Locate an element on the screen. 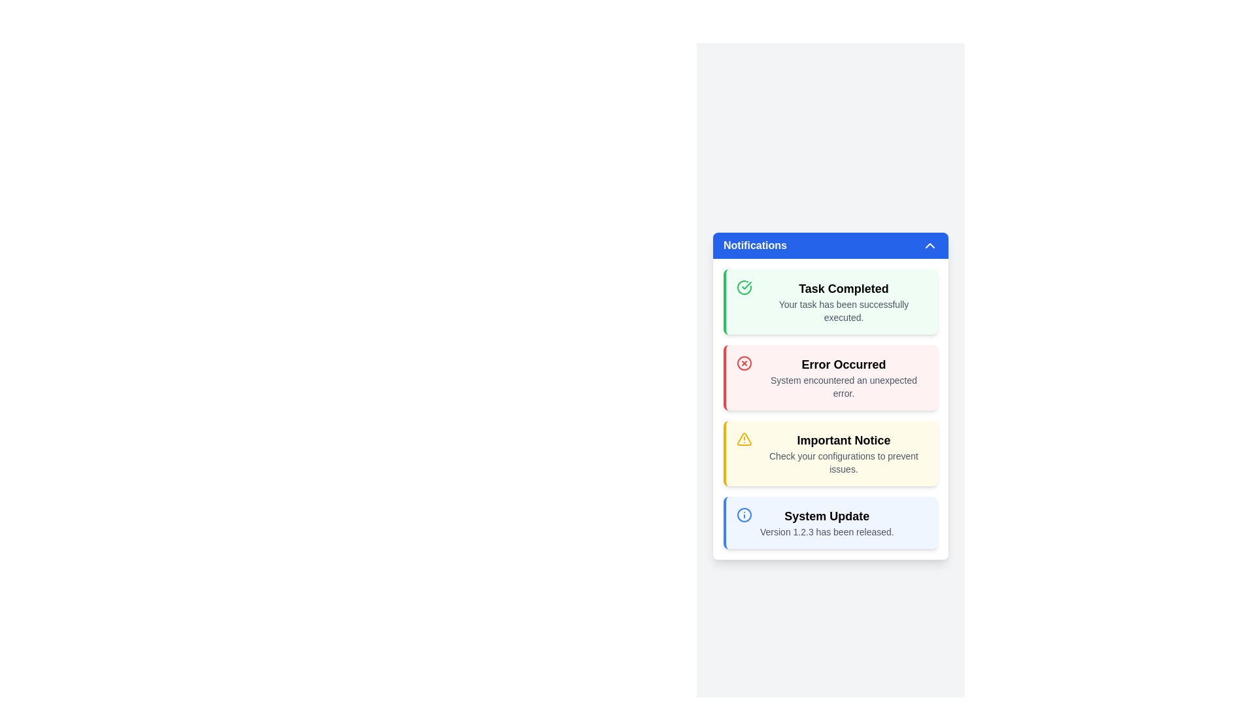 The height and width of the screenshot is (706, 1255). the chevron-up icon button located at the far right of the blue header bar labeled 'Notifications' is located at coordinates (929, 245).